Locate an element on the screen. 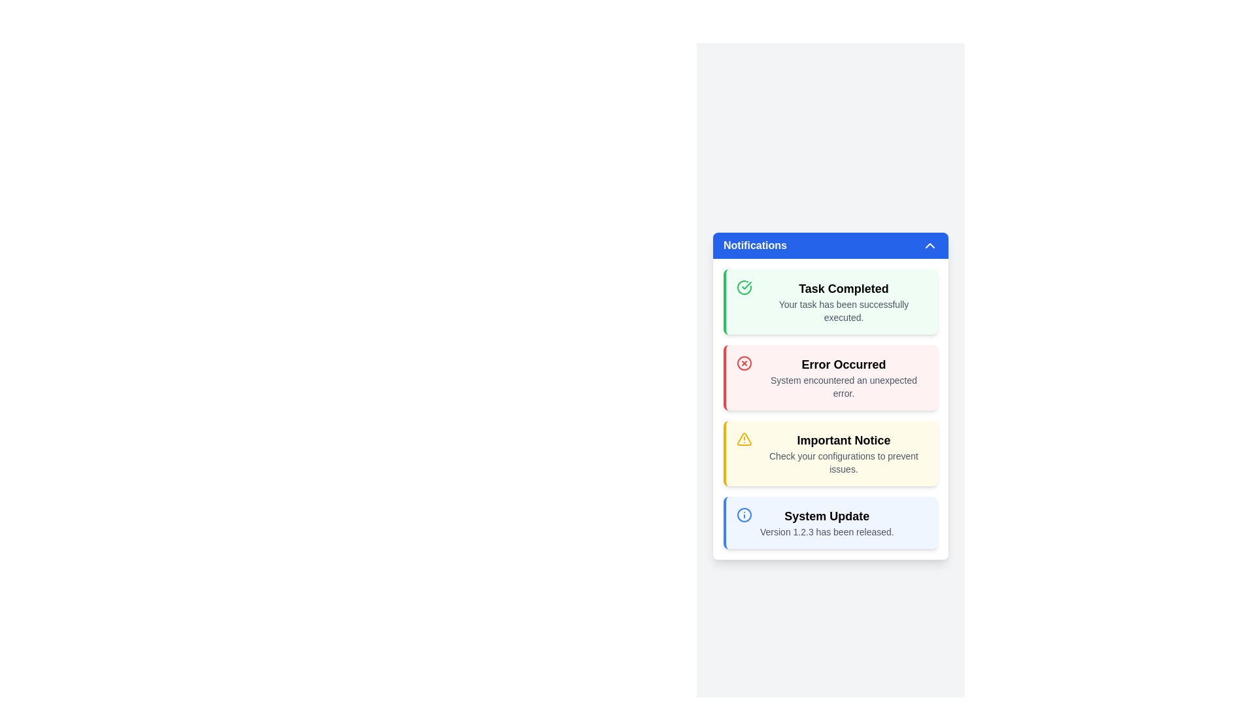 The height and width of the screenshot is (706, 1255). the chevron-up icon button located at the far right of the blue header bar labeled 'Notifications' is located at coordinates (929, 245).